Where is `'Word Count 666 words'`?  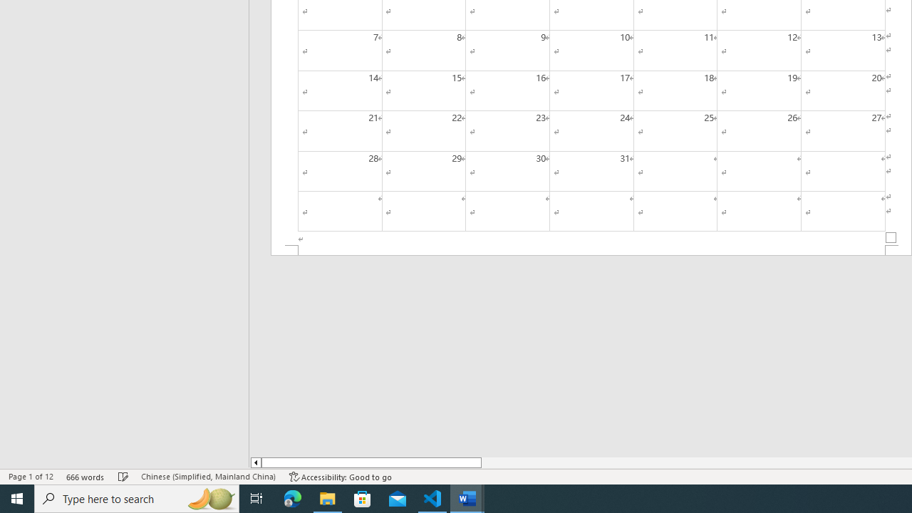 'Word Count 666 words' is located at coordinates (85, 477).